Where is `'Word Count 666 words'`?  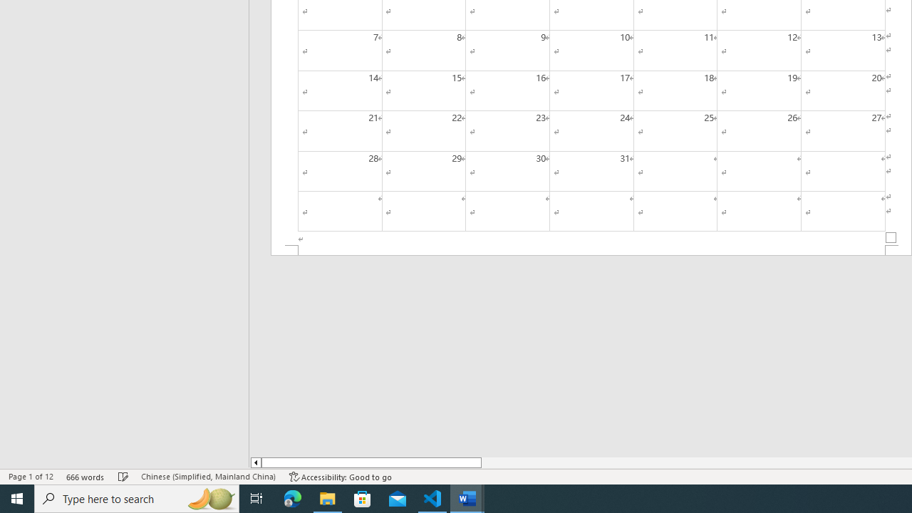 'Word Count 666 words' is located at coordinates (85, 477).